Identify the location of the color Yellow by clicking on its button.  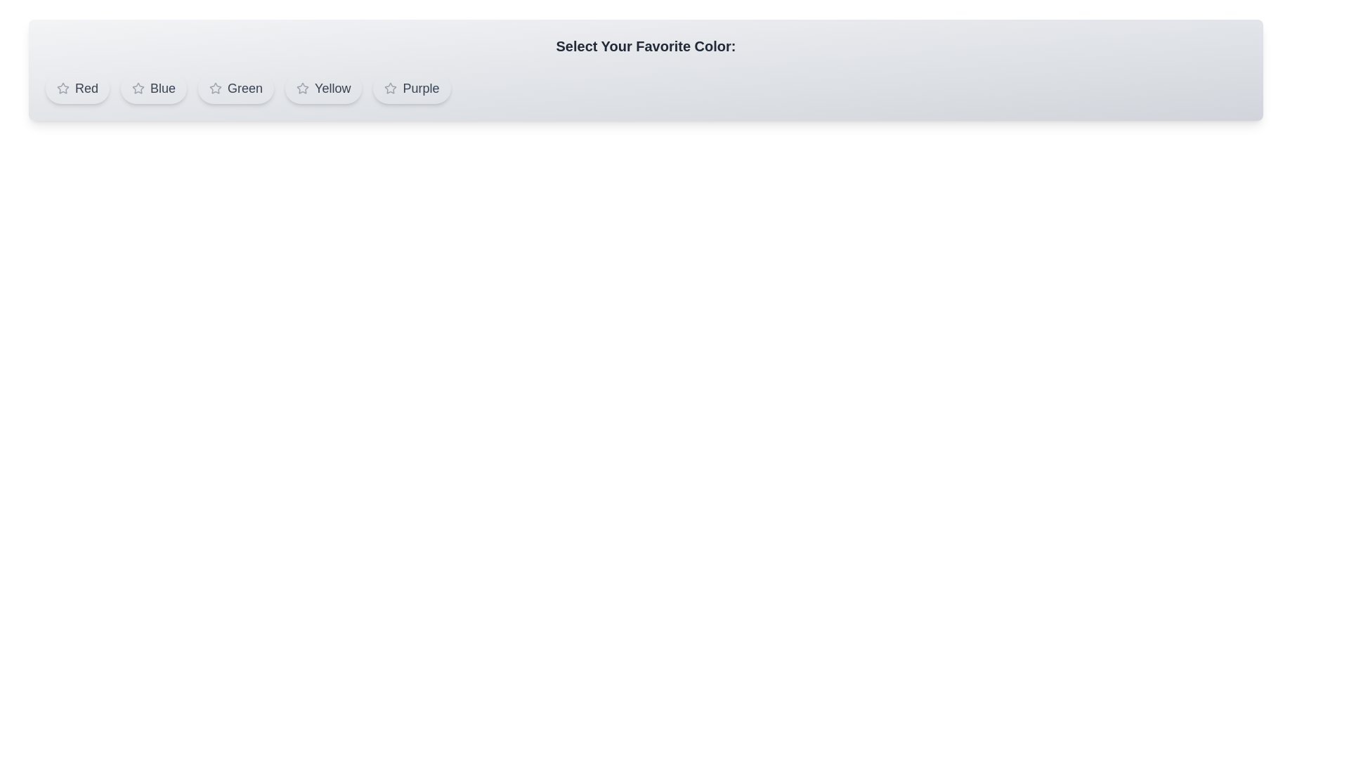
(322, 89).